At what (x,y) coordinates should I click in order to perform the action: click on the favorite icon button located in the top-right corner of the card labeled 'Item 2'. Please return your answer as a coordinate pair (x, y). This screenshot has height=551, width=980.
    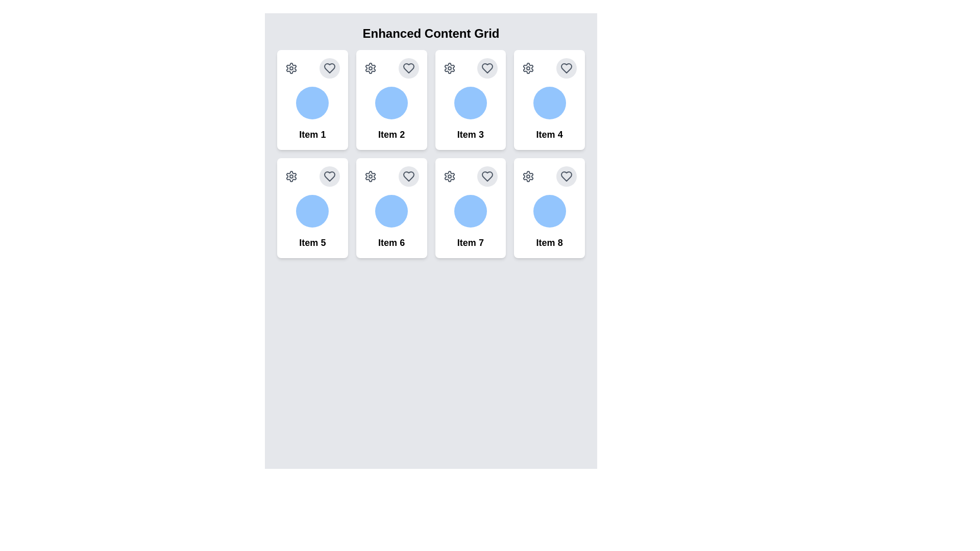
    Looking at the image, I should click on (408, 68).